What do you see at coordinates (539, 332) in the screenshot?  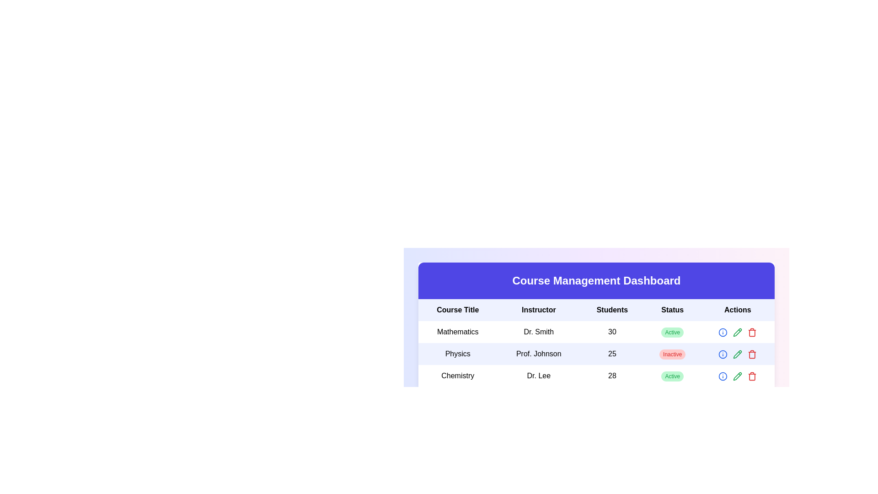 I see `name 'Dr. Smith' from the Text label element located in the Instructor column of the table, which is the second cell in the row corresponding to 'Mathematics'` at bounding box center [539, 332].